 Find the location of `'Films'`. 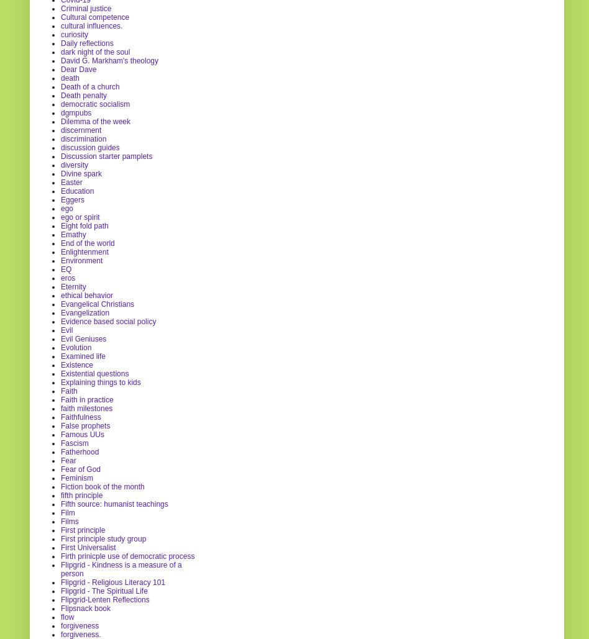

'Films' is located at coordinates (69, 520).